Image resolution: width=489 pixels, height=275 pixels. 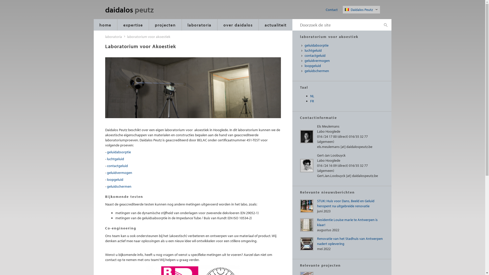 What do you see at coordinates (344, 61) in the screenshot?
I see `'geluidvermogen'` at bounding box center [344, 61].